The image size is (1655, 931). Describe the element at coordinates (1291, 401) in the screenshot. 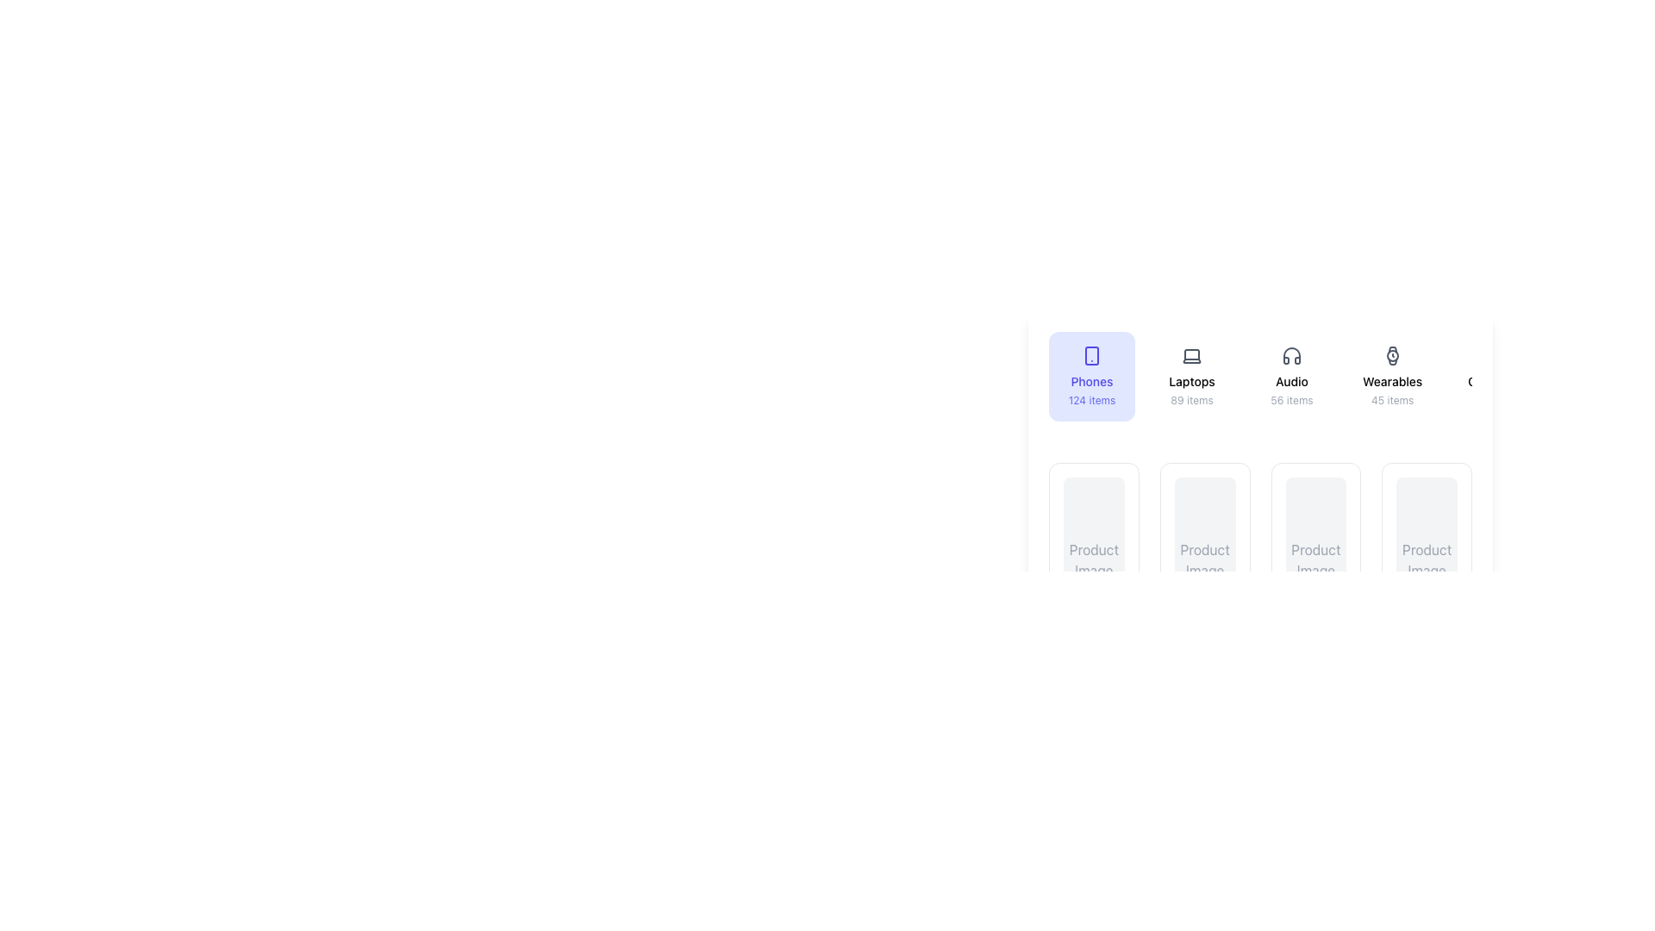

I see `the static text label providing information about the 'Audio' category, which is located beneath the 'Audio' title in the header navigation row` at that location.